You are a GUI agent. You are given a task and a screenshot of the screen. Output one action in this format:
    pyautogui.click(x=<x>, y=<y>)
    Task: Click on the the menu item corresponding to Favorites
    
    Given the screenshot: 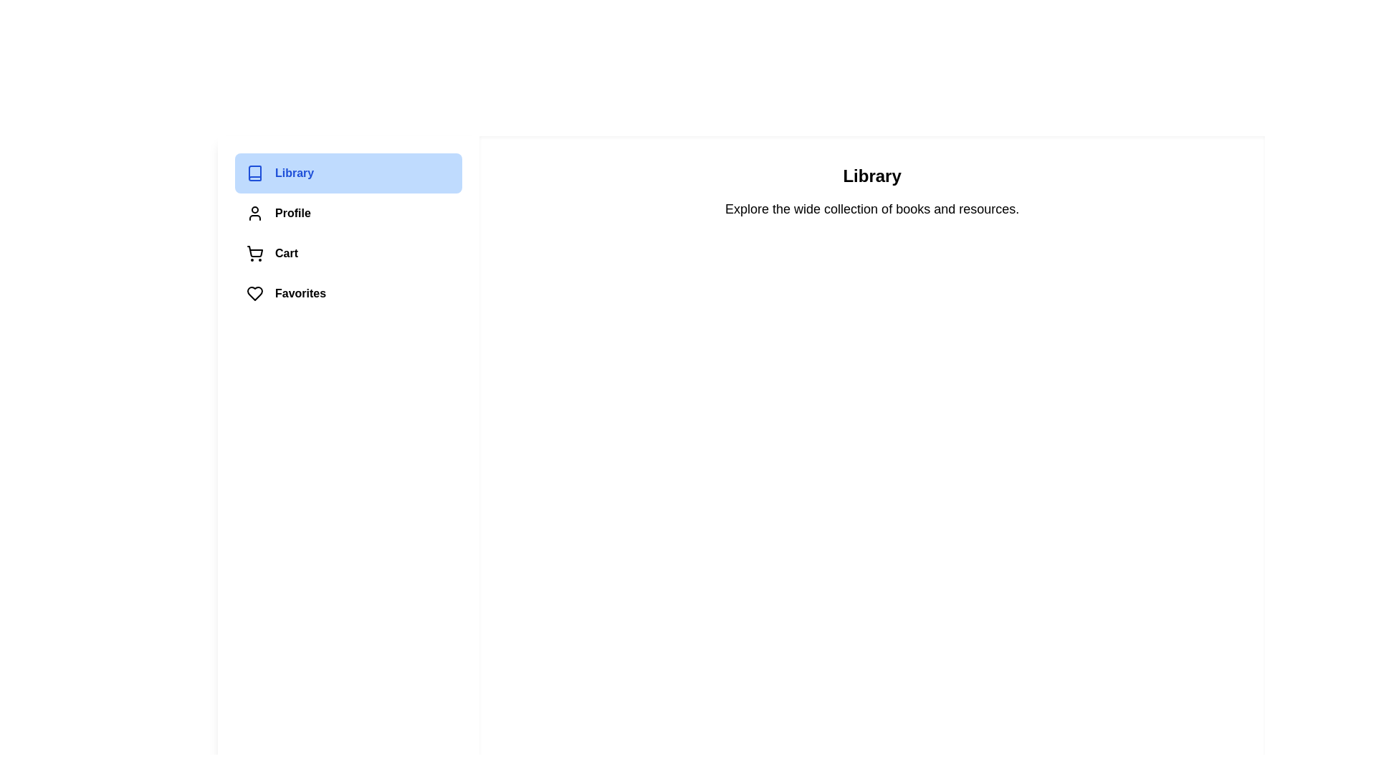 What is the action you would take?
    pyautogui.click(x=348, y=292)
    